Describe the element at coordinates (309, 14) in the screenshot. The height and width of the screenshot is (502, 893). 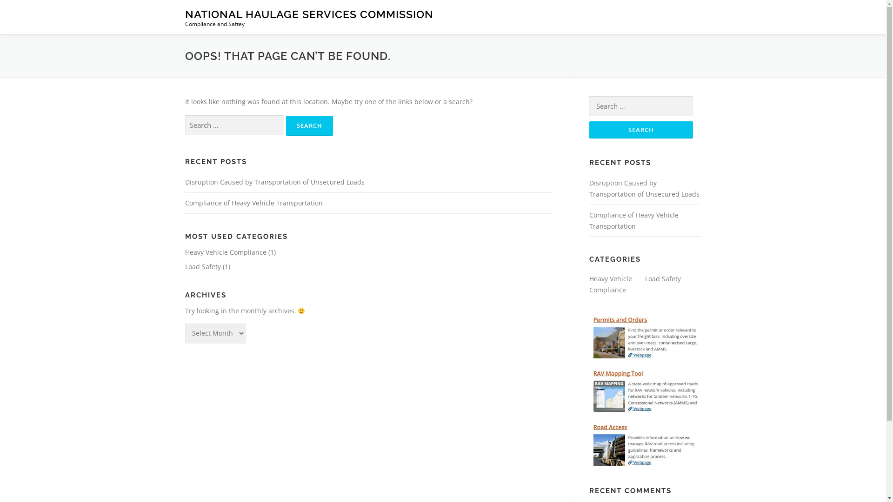
I see `'NATIONAL HAULAGE SERVICES COMMISSION'` at that location.